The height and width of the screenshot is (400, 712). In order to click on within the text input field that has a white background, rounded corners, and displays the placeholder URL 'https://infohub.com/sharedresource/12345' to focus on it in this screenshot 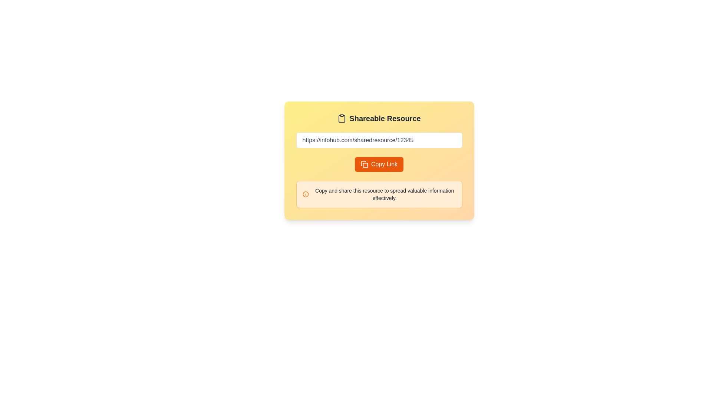, I will do `click(379, 140)`.